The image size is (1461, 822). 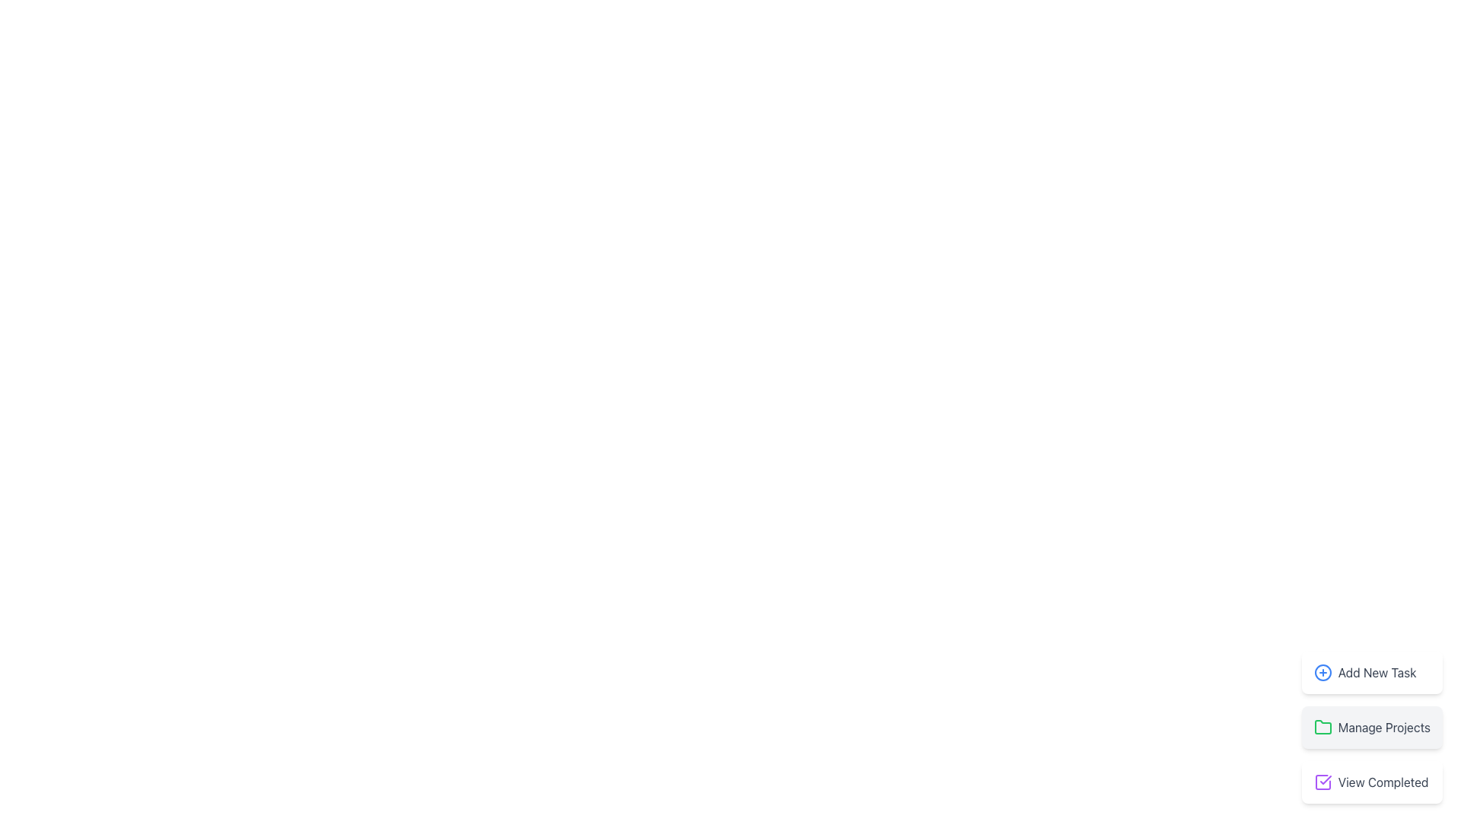 What do you see at coordinates (1372, 671) in the screenshot?
I see `the 'Add Task' button, which is the first button in the bottom-right corner of the interface` at bounding box center [1372, 671].